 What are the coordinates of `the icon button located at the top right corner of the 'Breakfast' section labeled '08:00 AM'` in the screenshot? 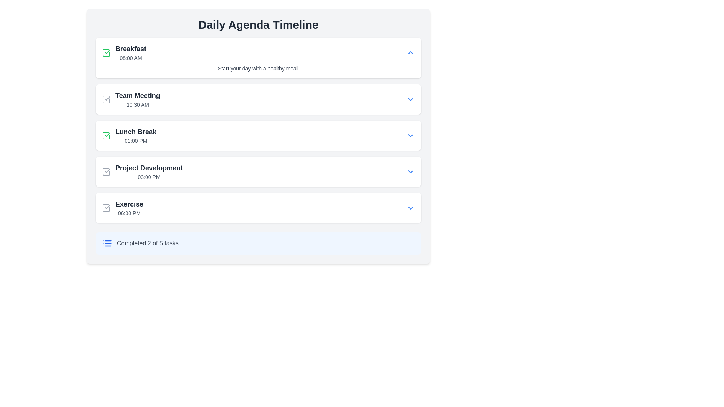 It's located at (410, 52).